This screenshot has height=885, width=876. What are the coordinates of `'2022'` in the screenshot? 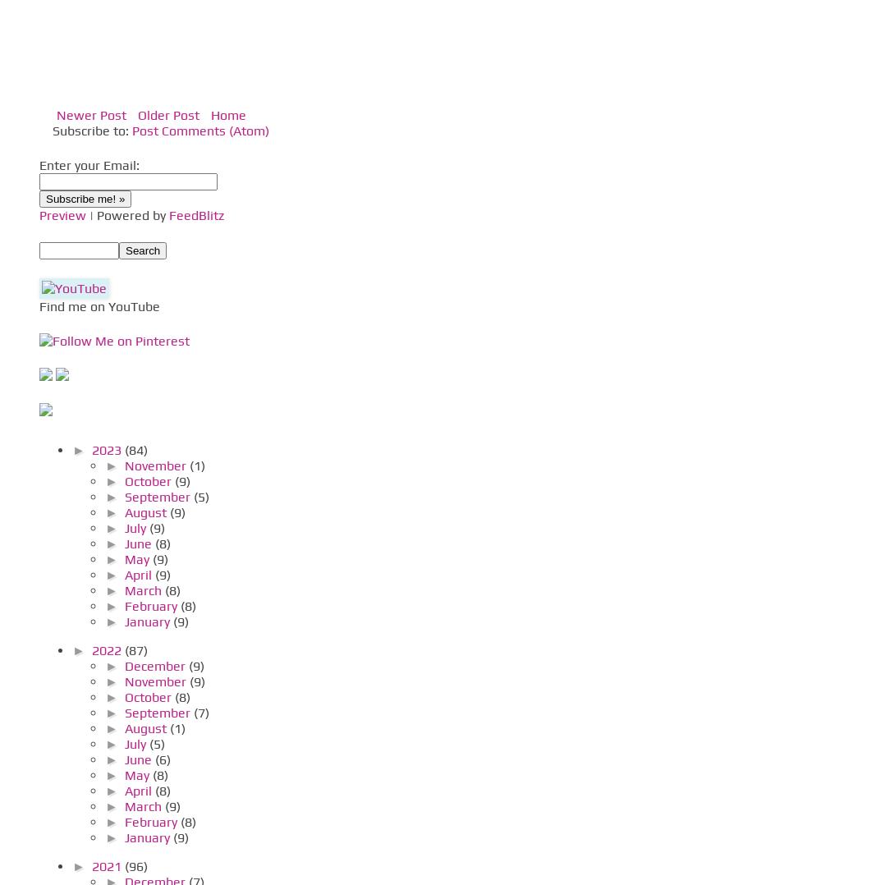 It's located at (107, 649).